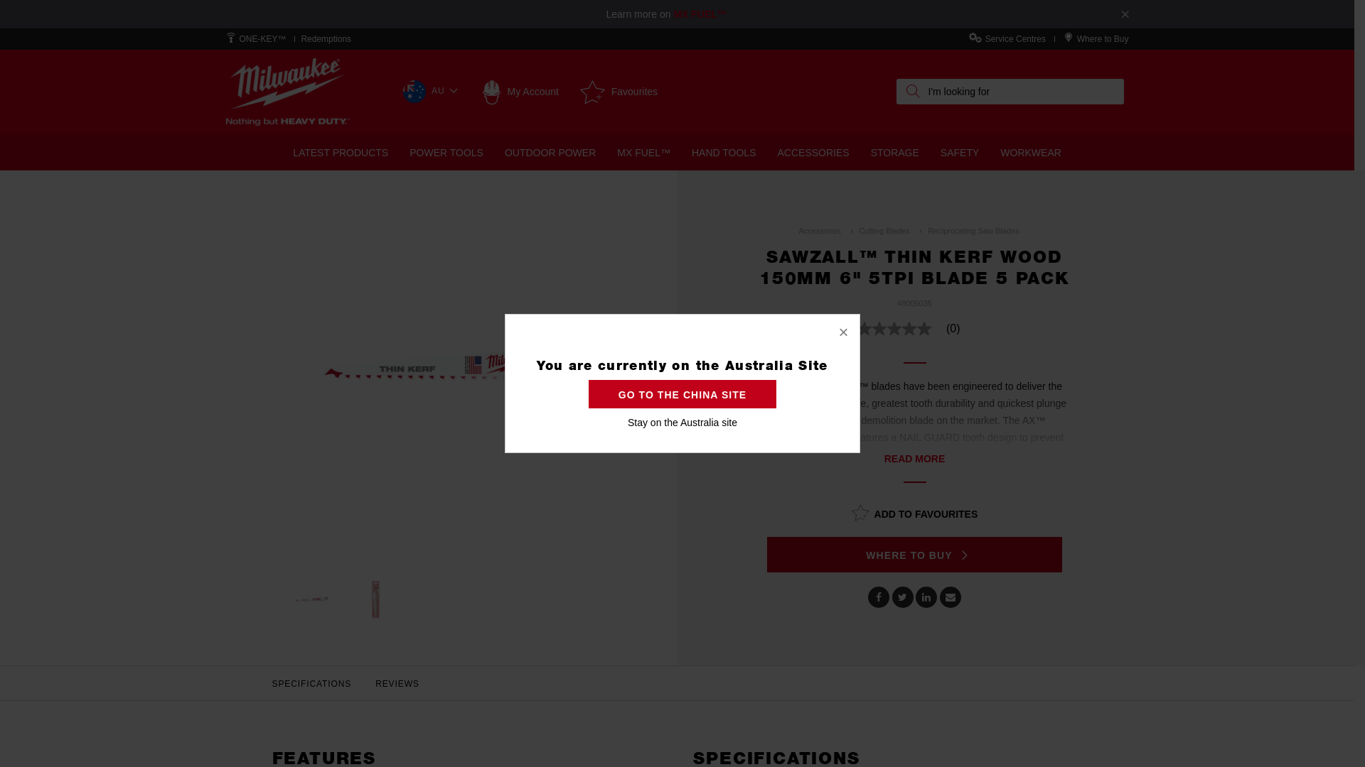 This screenshot has height=767, width=1365. I want to click on 'Accessories', so click(819, 229).